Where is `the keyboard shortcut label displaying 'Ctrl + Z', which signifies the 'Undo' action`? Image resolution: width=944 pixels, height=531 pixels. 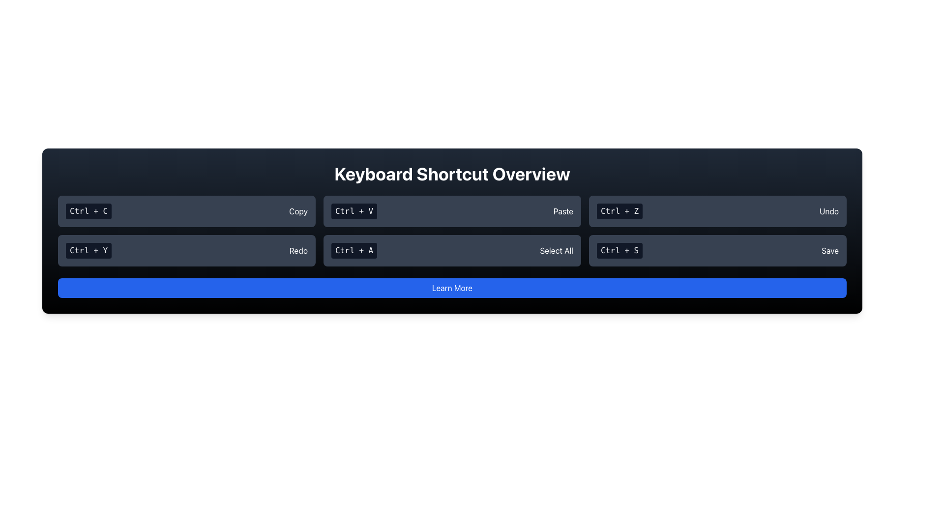 the keyboard shortcut label displaying 'Ctrl + Z', which signifies the 'Undo' action is located at coordinates (619, 210).